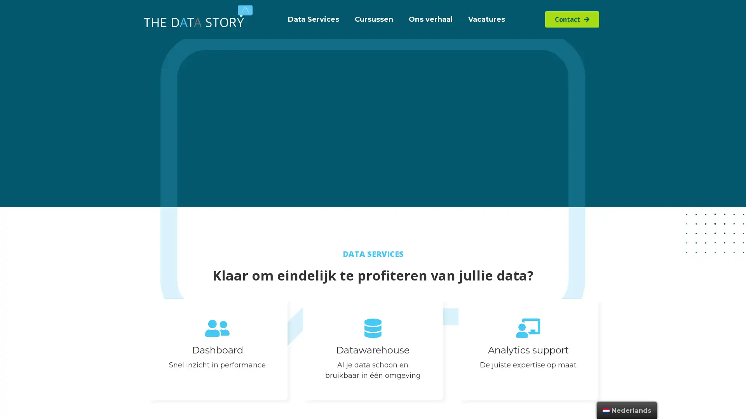 The height and width of the screenshot is (419, 746). I want to click on Voorkeuren, so click(78, 397).